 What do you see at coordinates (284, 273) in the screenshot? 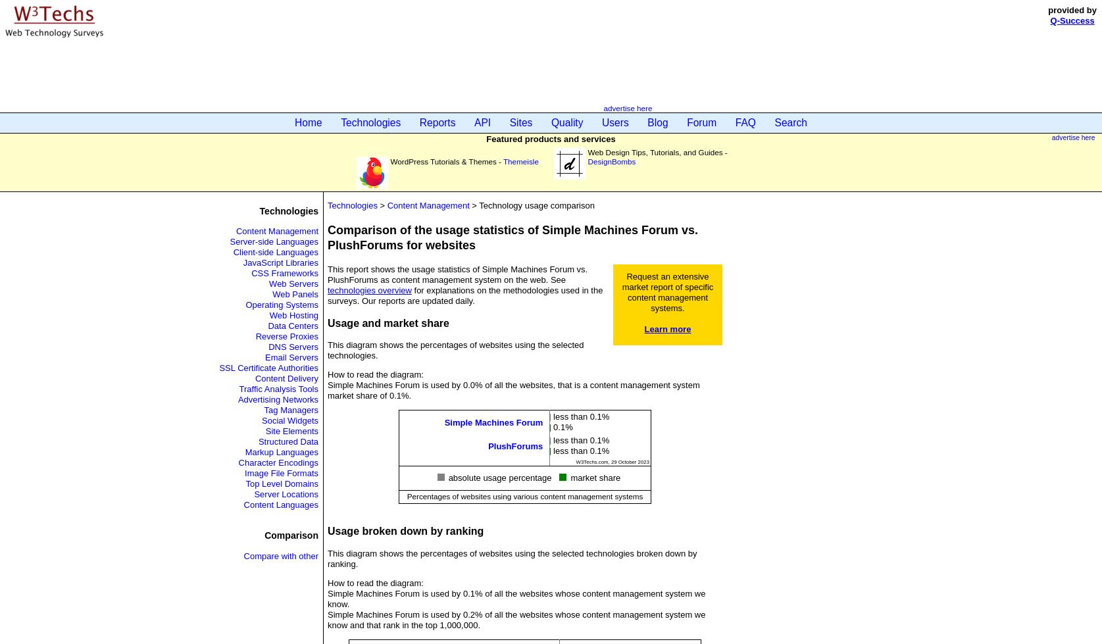
I see `'CSS Frameworks'` at bounding box center [284, 273].